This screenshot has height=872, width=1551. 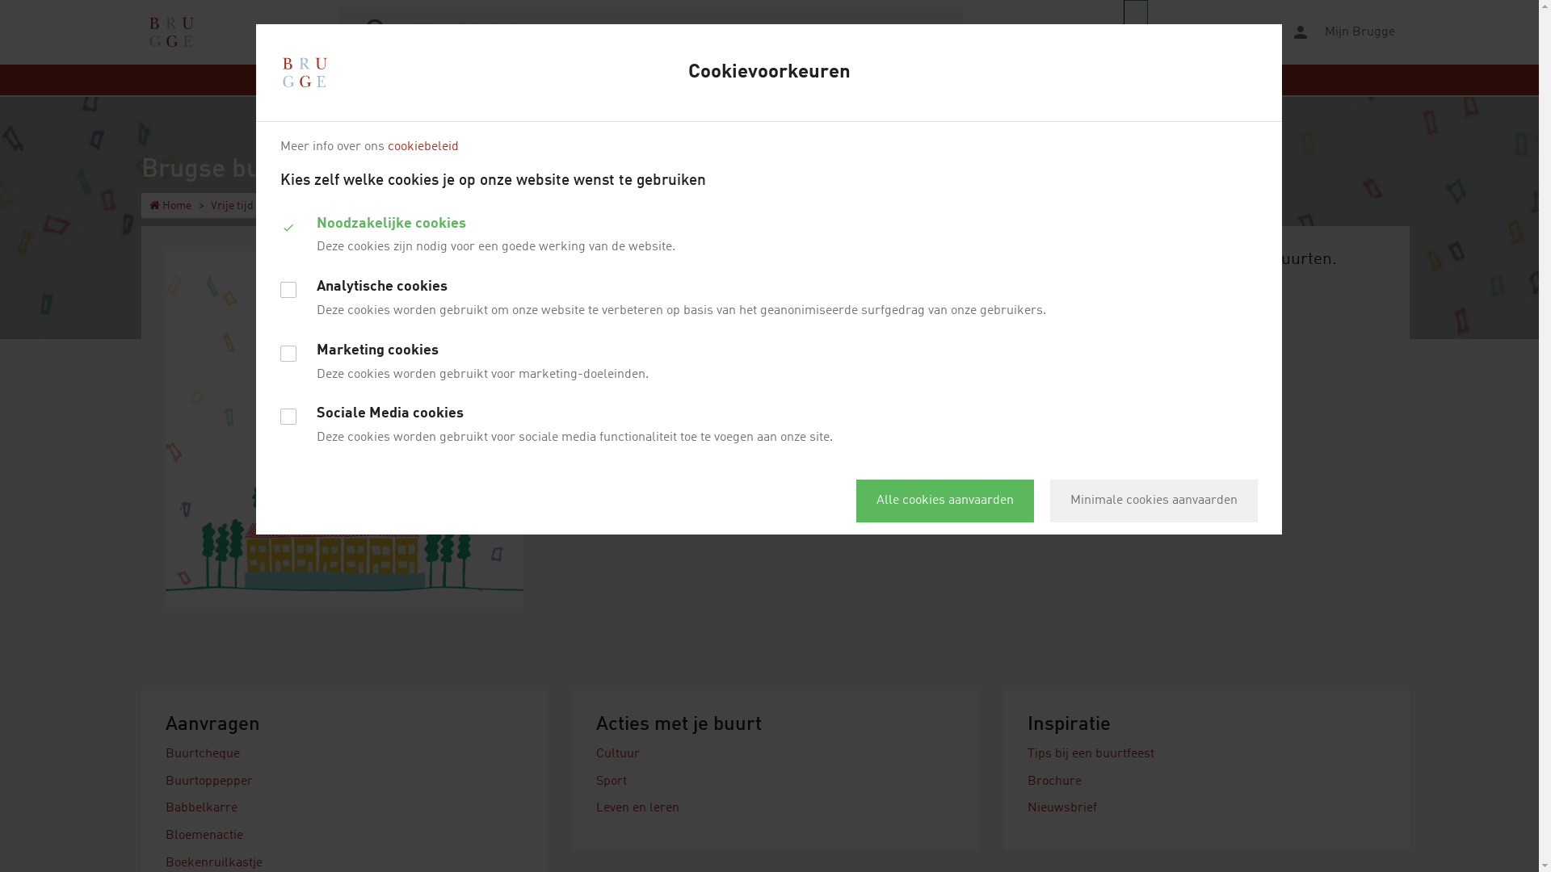 I want to click on 'Home', so click(x=170, y=204).